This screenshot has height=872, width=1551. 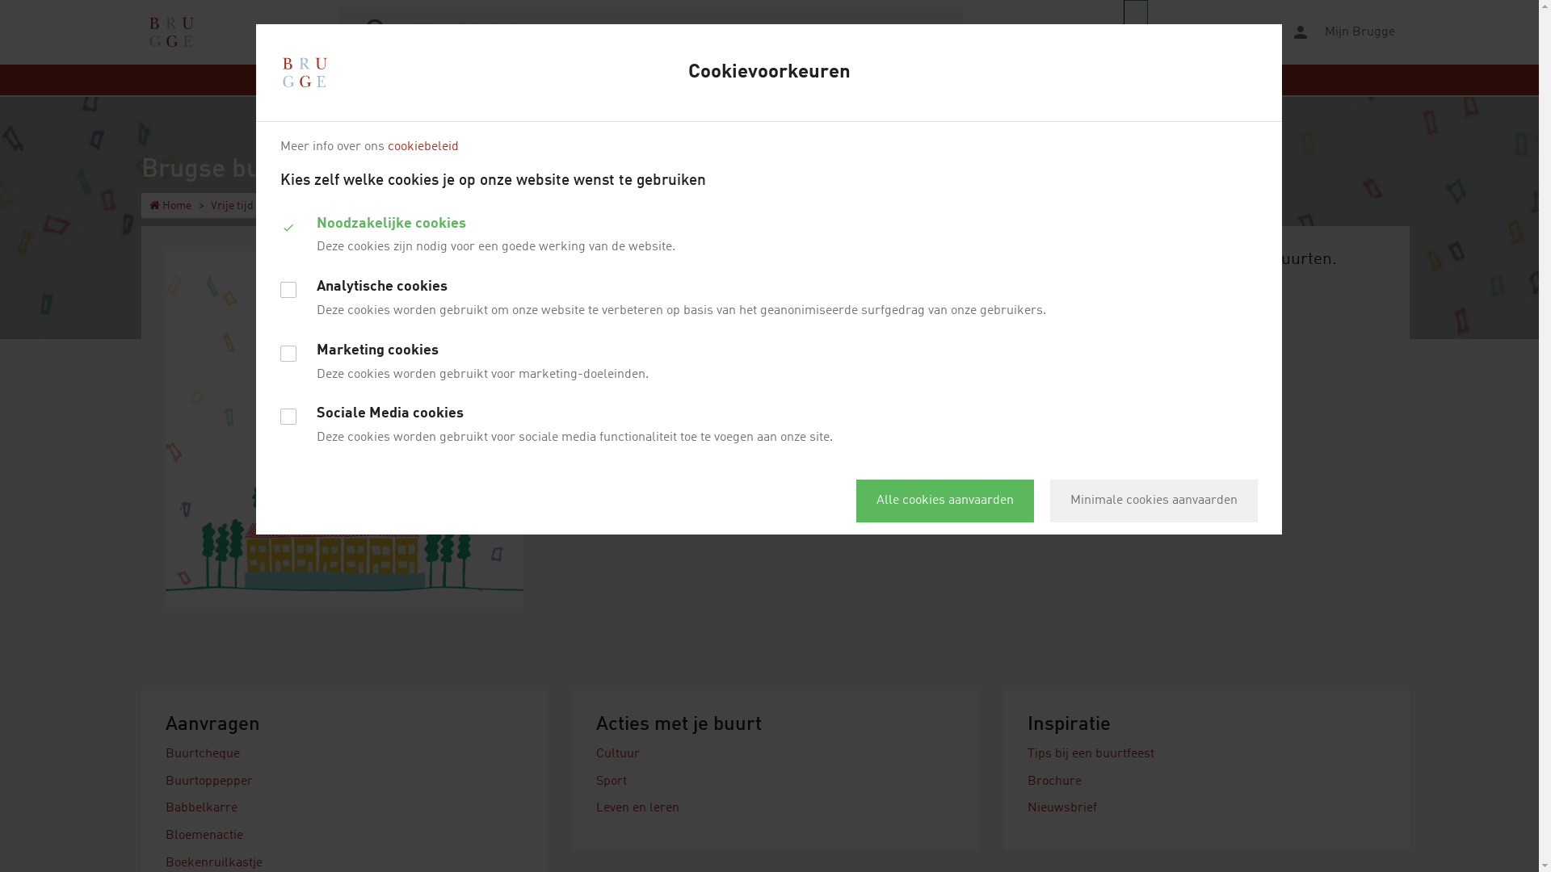 I want to click on 'Home', so click(x=170, y=204).